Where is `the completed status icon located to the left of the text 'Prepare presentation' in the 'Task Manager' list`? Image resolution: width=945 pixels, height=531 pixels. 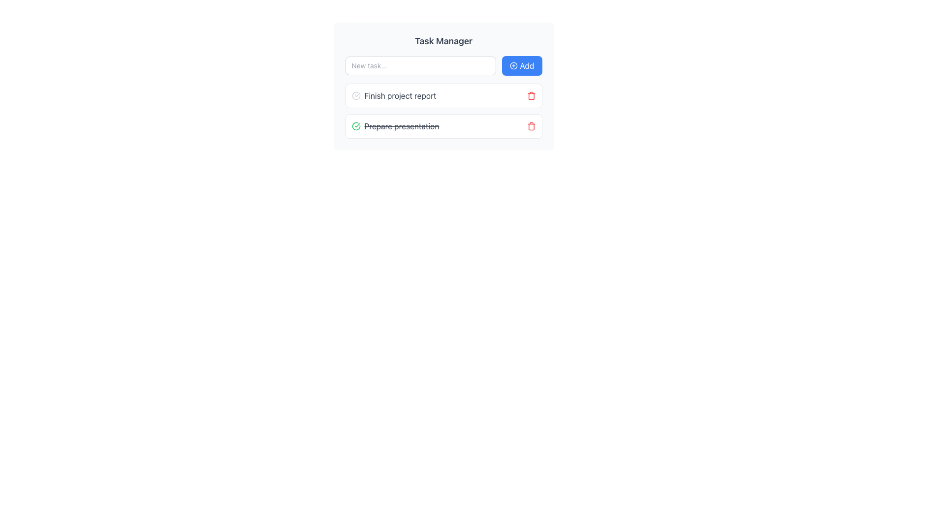 the completed status icon located to the left of the text 'Prepare presentation' in the 'Task Manager' list is located at coordinates (355, 126).